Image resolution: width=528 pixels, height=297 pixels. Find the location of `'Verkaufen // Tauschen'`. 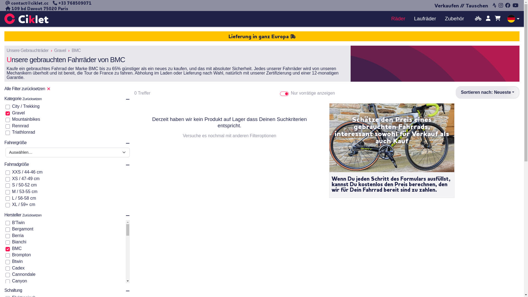

'Verkaufen // Tauschen' is located at coordinates (462, 6).